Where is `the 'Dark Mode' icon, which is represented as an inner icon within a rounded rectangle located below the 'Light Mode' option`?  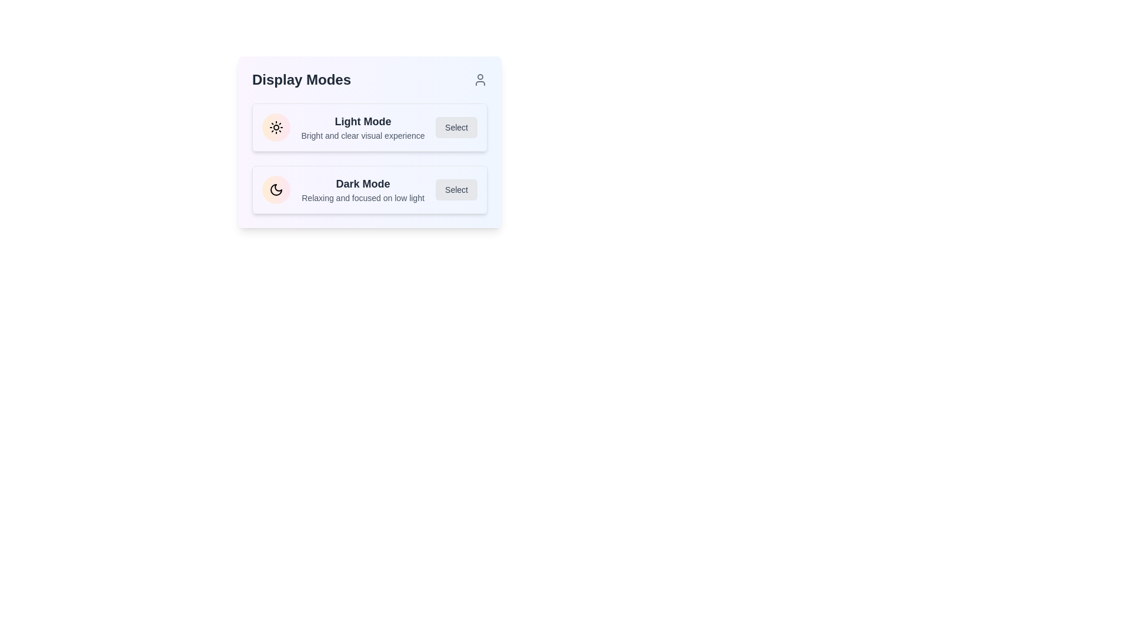 the 'Dark Mode' icon, which is represented as an inner icon within a rounded rectangle located below the 'Light Mode' option is located at coordinates (276, 189).